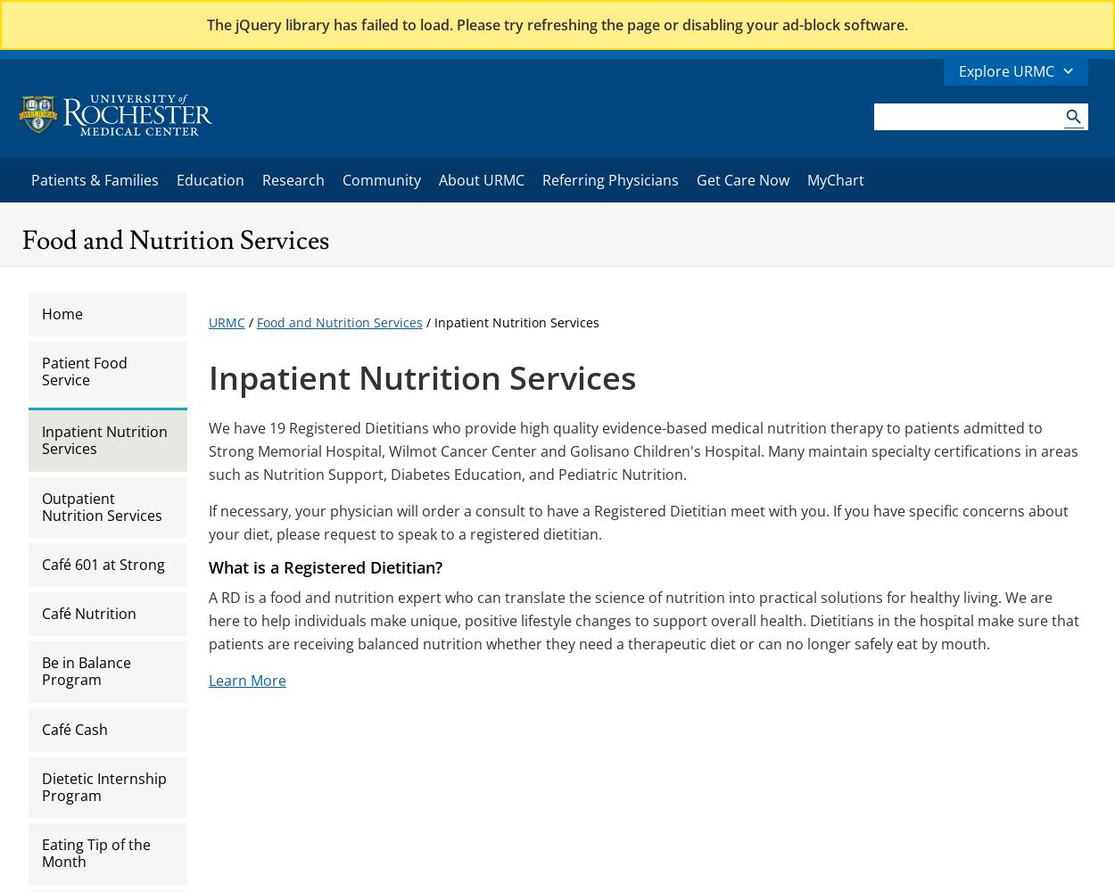  What do you see at coordinates (74, 728) in the screenshot?
I see `'Café Cash'` at bounding box center [74, 728].